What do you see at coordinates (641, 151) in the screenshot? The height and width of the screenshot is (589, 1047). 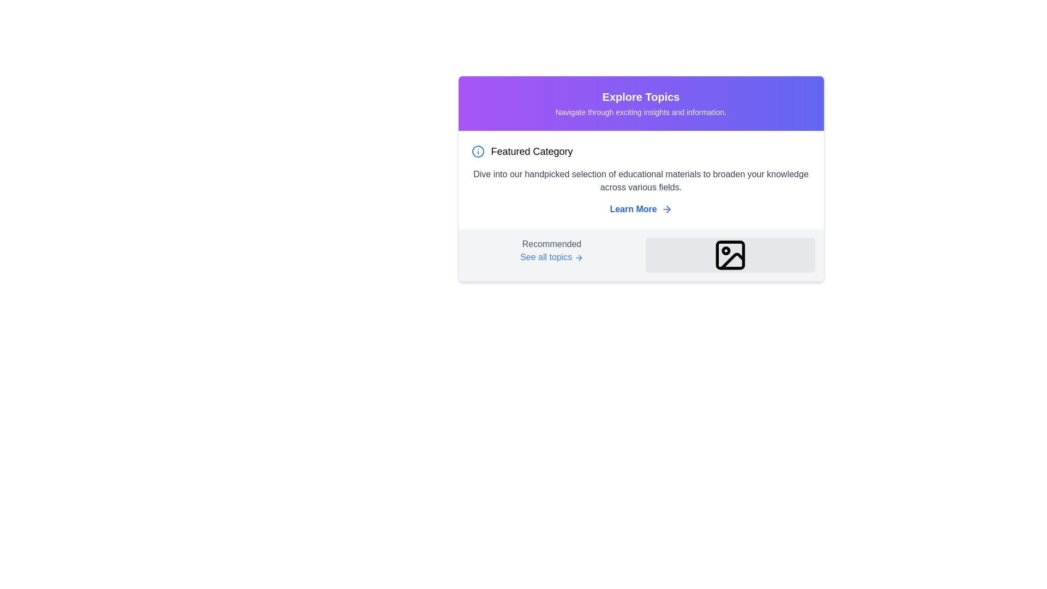 I see `the 'Featured Category' text with blue circular icon located at the top of the featured categories box` at bounding box center [641, 151].